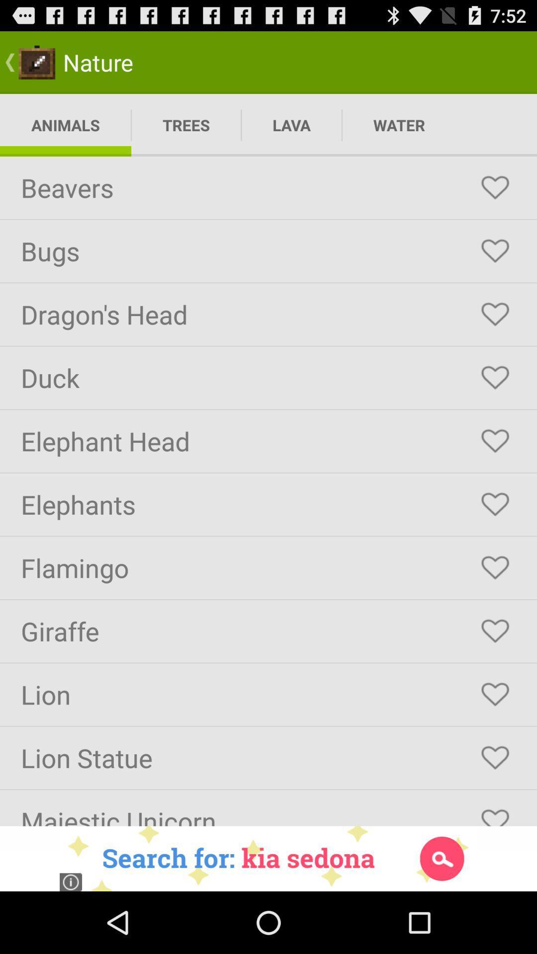  I want to click on search advertisement, so click(268, 858).